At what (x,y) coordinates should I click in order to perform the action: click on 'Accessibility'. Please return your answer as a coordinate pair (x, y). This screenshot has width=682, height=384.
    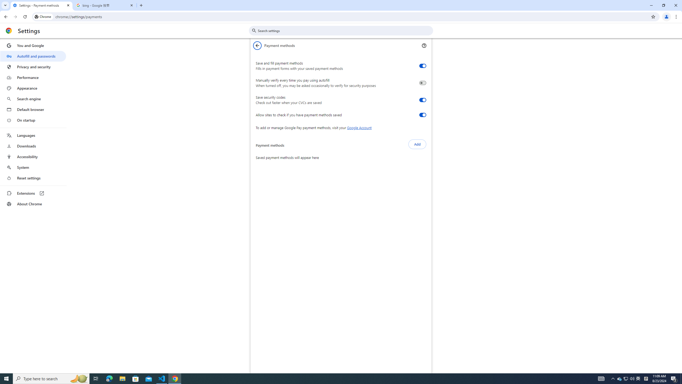
    Looking at the image, I should click on (33, 156).